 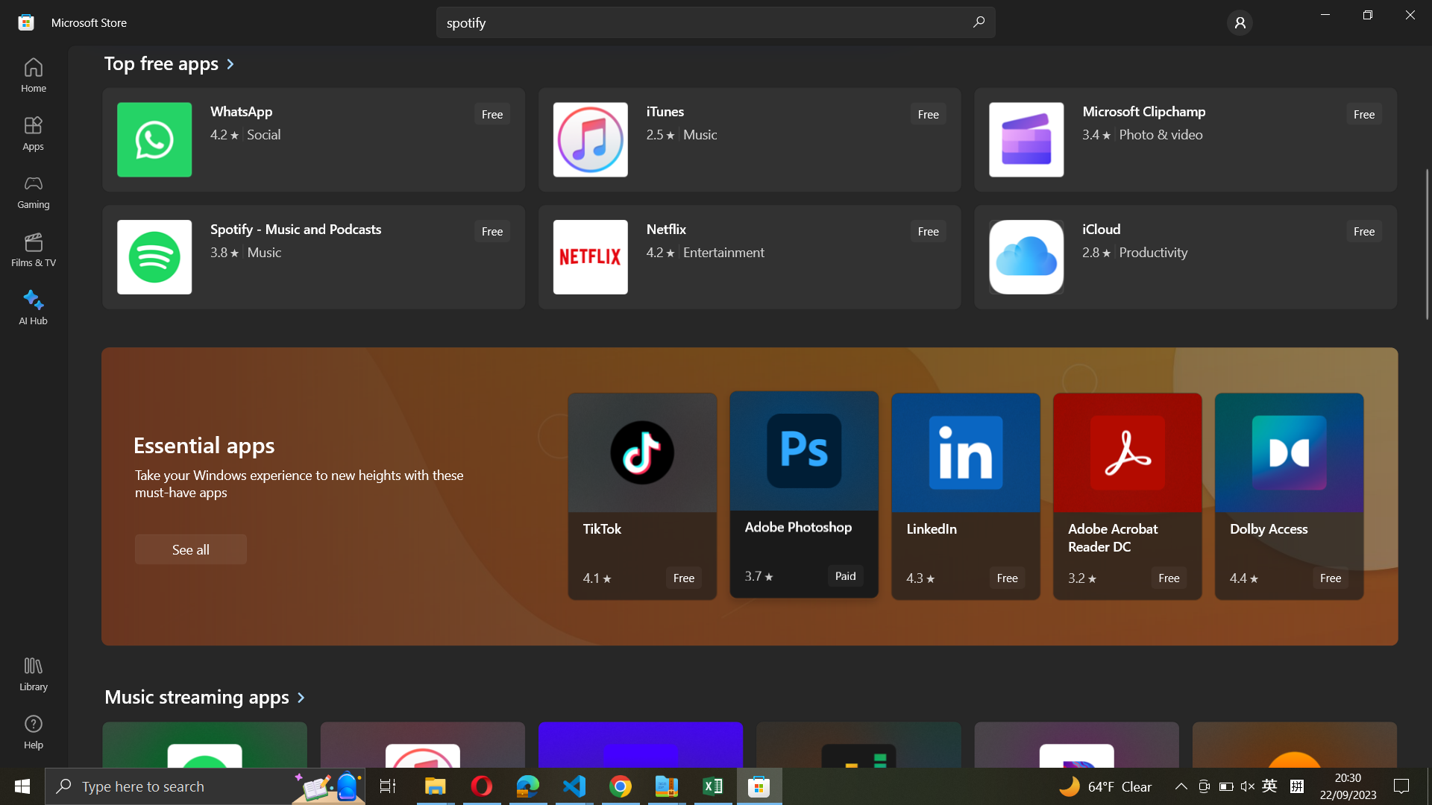 I want to click on Gaming Option, so click(x=34, y=192).